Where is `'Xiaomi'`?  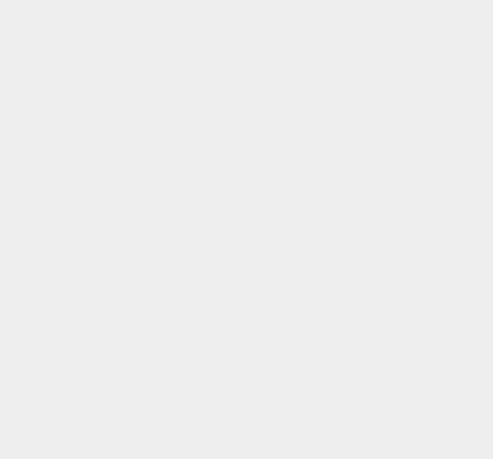 'Xiaomi' is located at coordinates (348, 110).